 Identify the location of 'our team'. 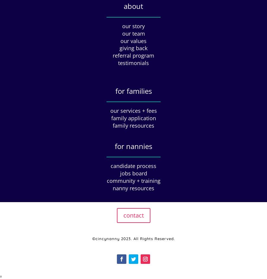
(133, 33).